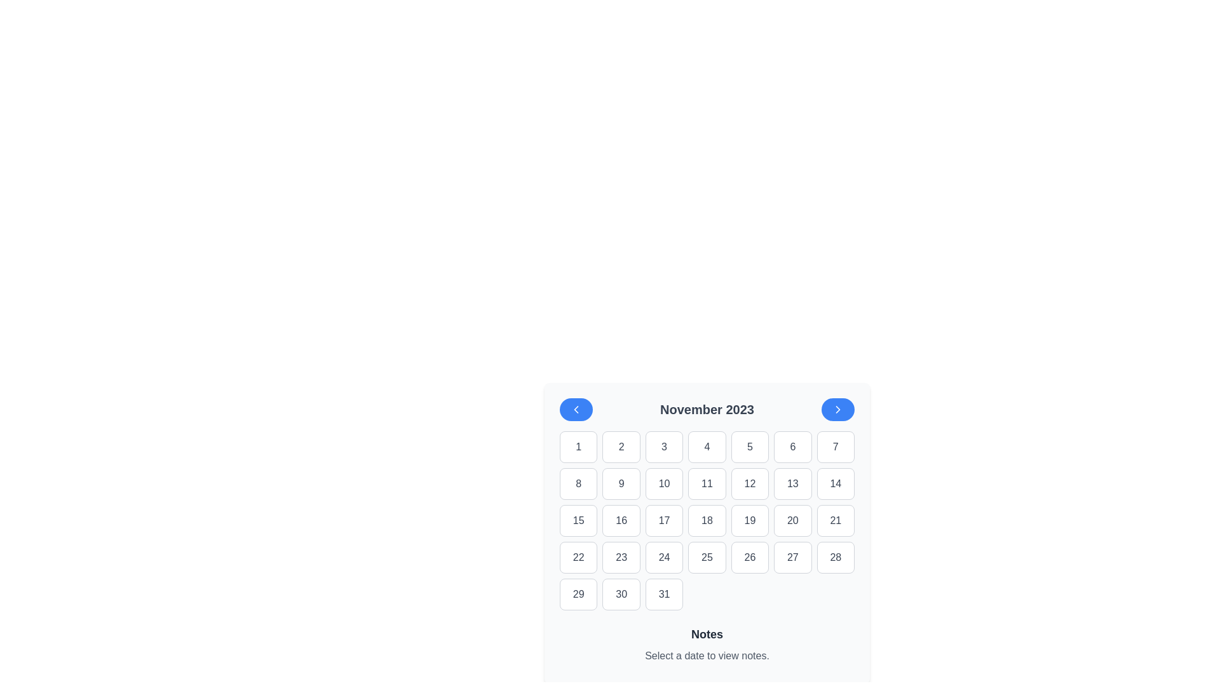  Describe the element at coordinates (707, 447) in the screenshot. I see `the button representing the 4th day of November 2023 in the calendar interface` at that location.